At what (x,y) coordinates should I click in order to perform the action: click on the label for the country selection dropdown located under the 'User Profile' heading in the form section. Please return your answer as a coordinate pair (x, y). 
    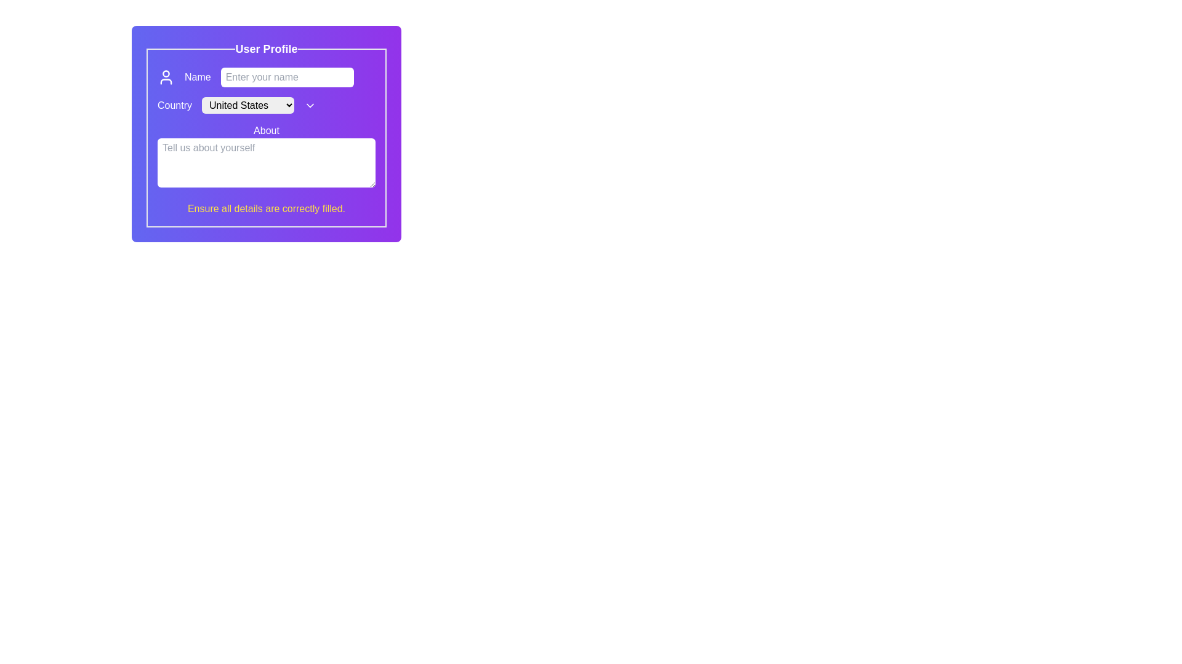
    Looking at the image, I should click on (174, 105).